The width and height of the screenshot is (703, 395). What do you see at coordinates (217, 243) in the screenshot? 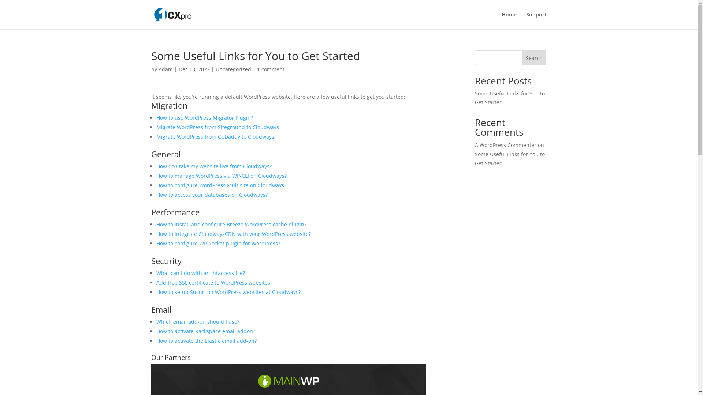
I see `'How to configure WP Rocket plugin for WordPress?'` at bounding box center [217, 243].